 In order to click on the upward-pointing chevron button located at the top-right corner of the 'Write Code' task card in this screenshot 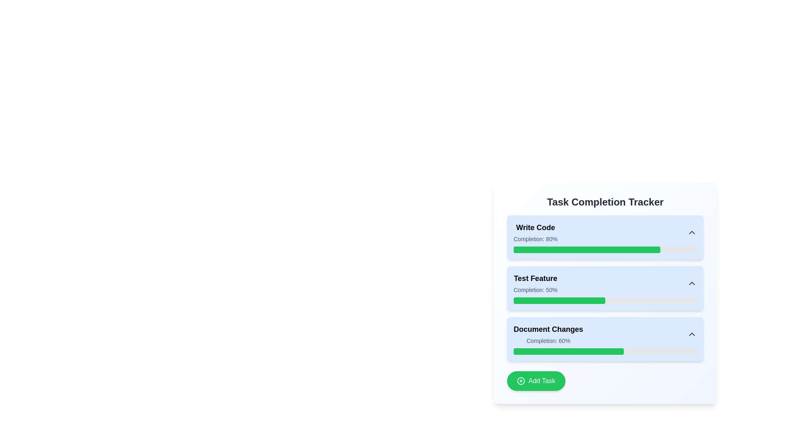, I will do `click(692, 233)`.